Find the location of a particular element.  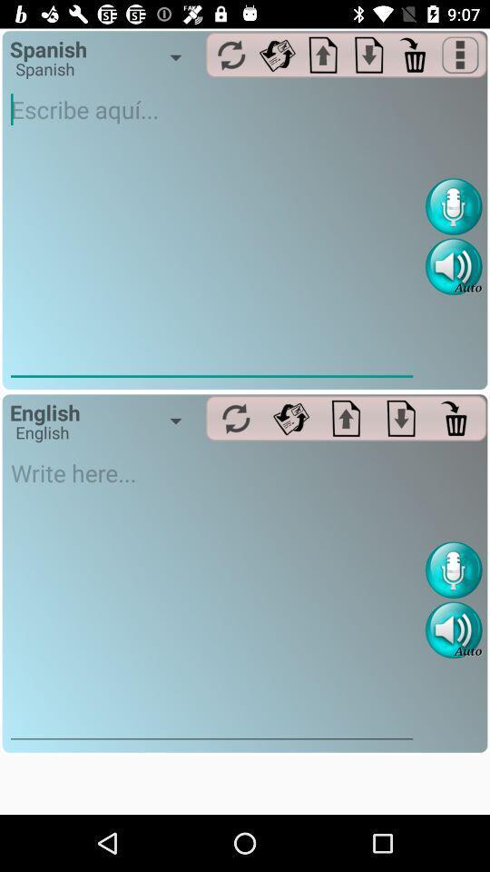

volume control is located at coordinates (453, 629).